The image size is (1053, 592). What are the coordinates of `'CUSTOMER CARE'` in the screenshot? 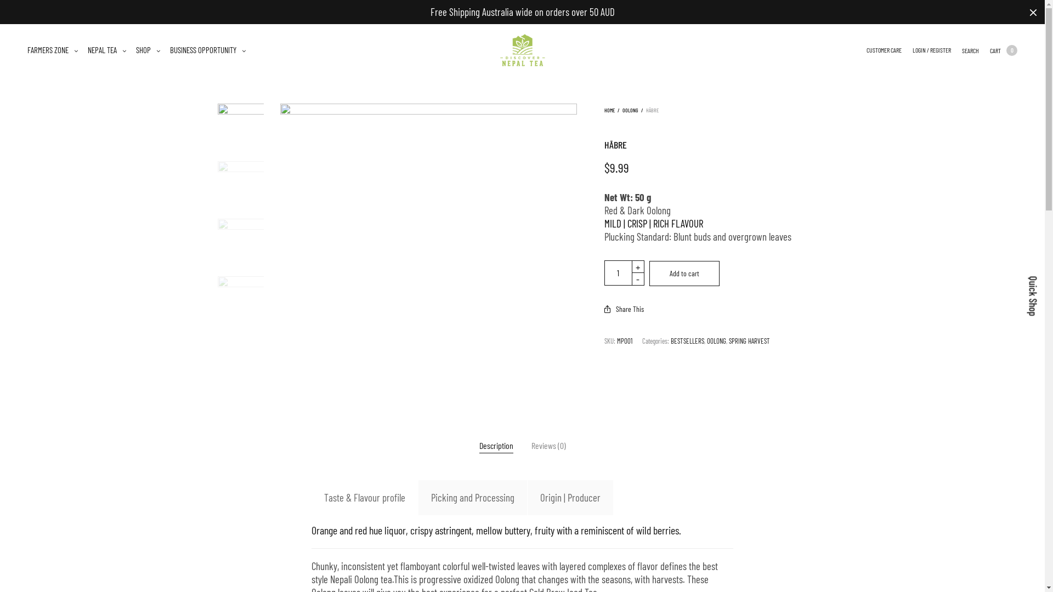 It's located at (884, 50).